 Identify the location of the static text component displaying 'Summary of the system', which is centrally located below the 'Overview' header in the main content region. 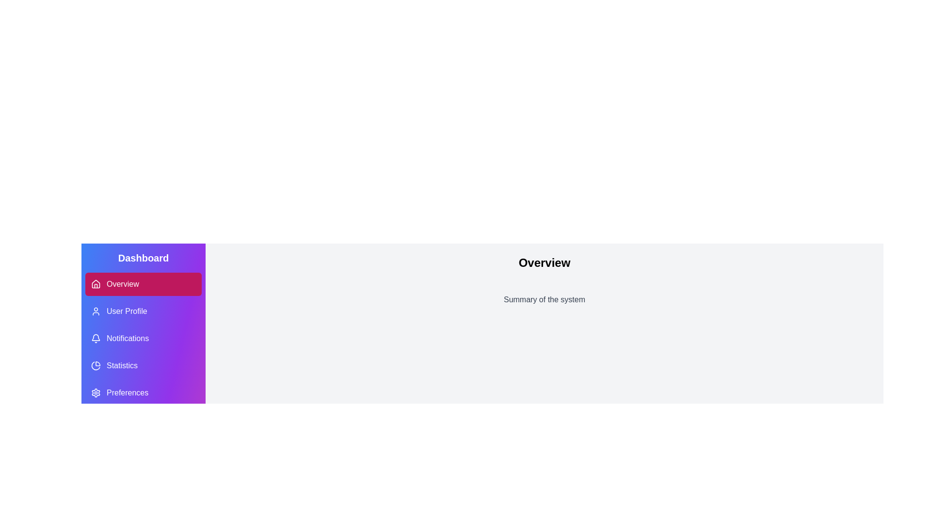
(545, 299).